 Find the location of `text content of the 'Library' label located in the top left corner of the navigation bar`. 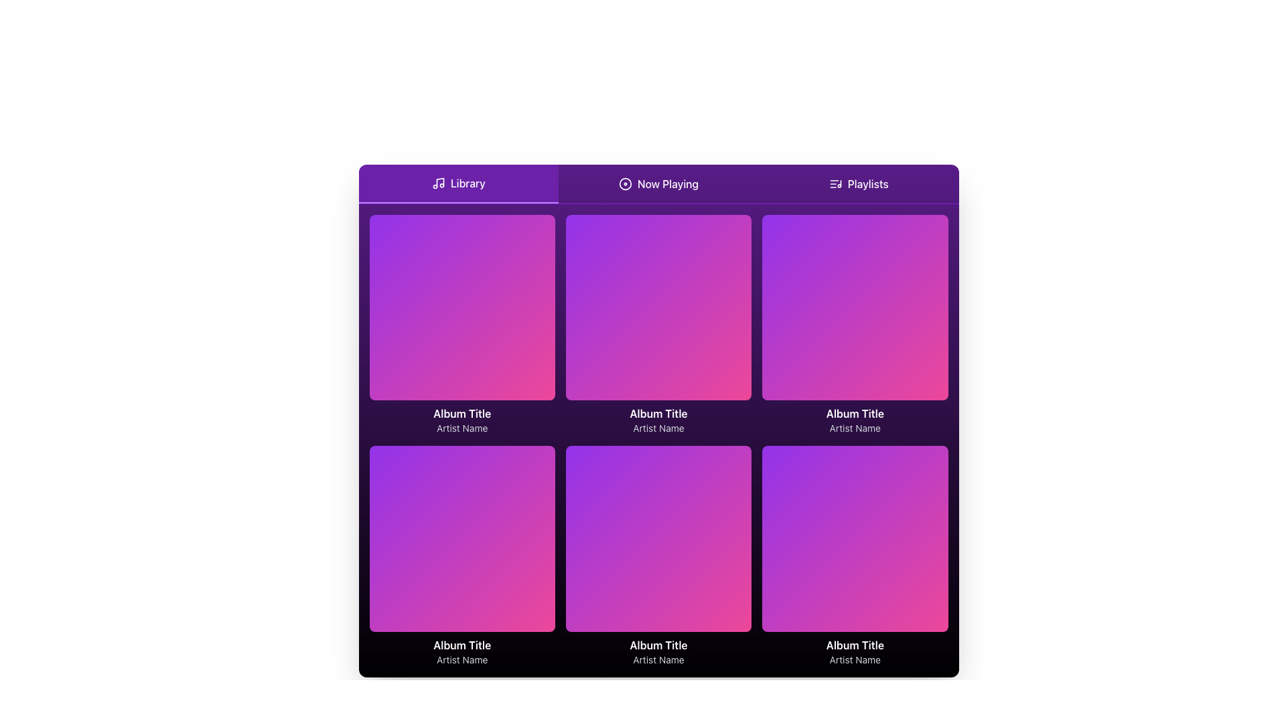

text content of the 'Library' label located in the top left corner of the navigation bar is located at coordinates (468, 183).